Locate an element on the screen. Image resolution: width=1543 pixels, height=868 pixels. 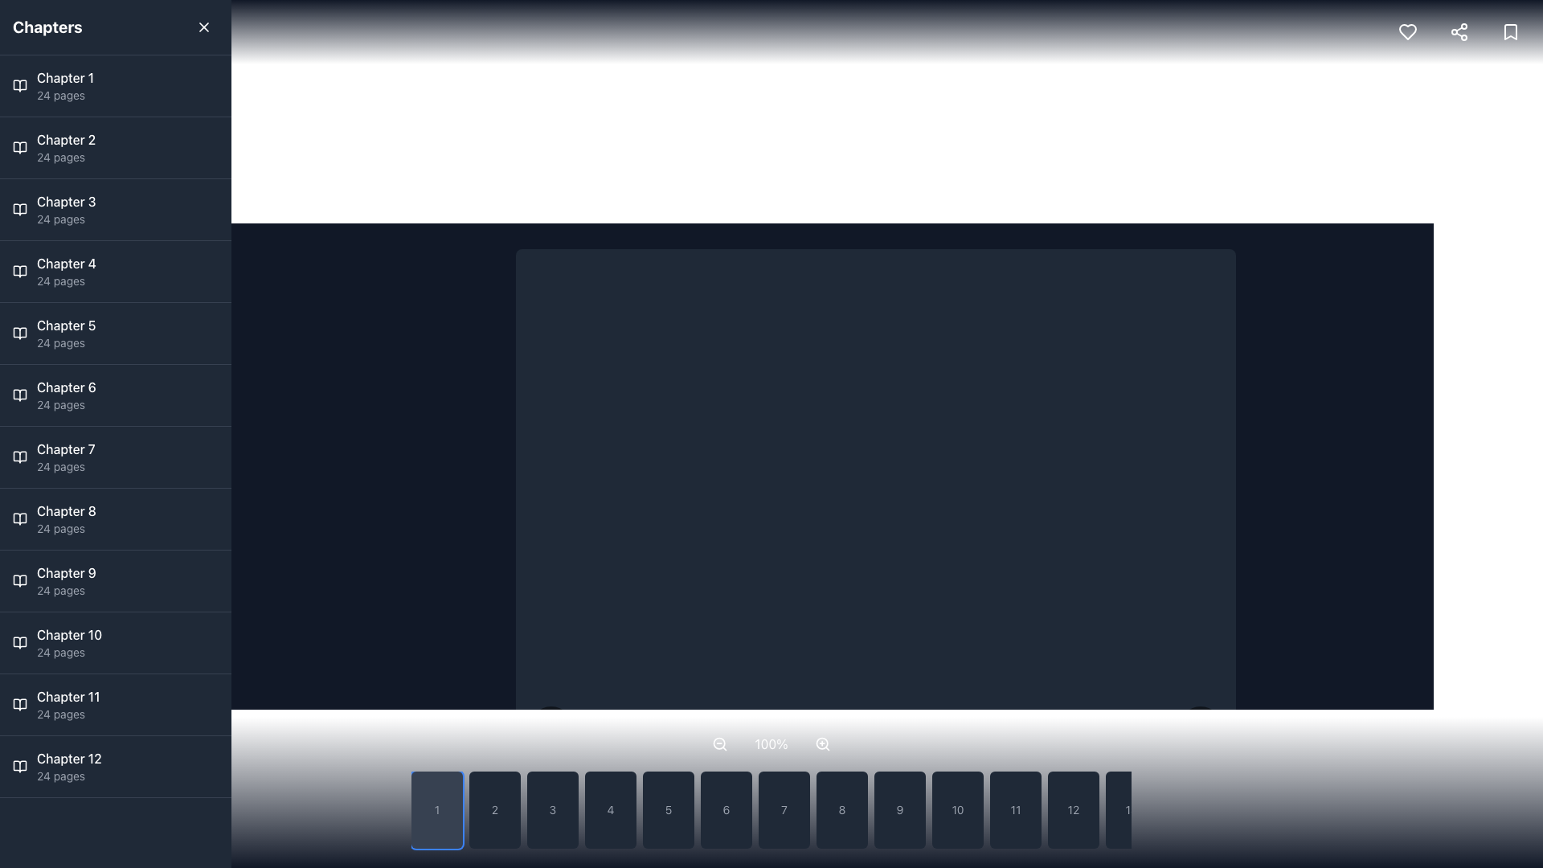
the open book icon located in the vertical sidebar next to the 'Chapter 10' section, which is part of the list of chapters is located at coordinates (19, 641).